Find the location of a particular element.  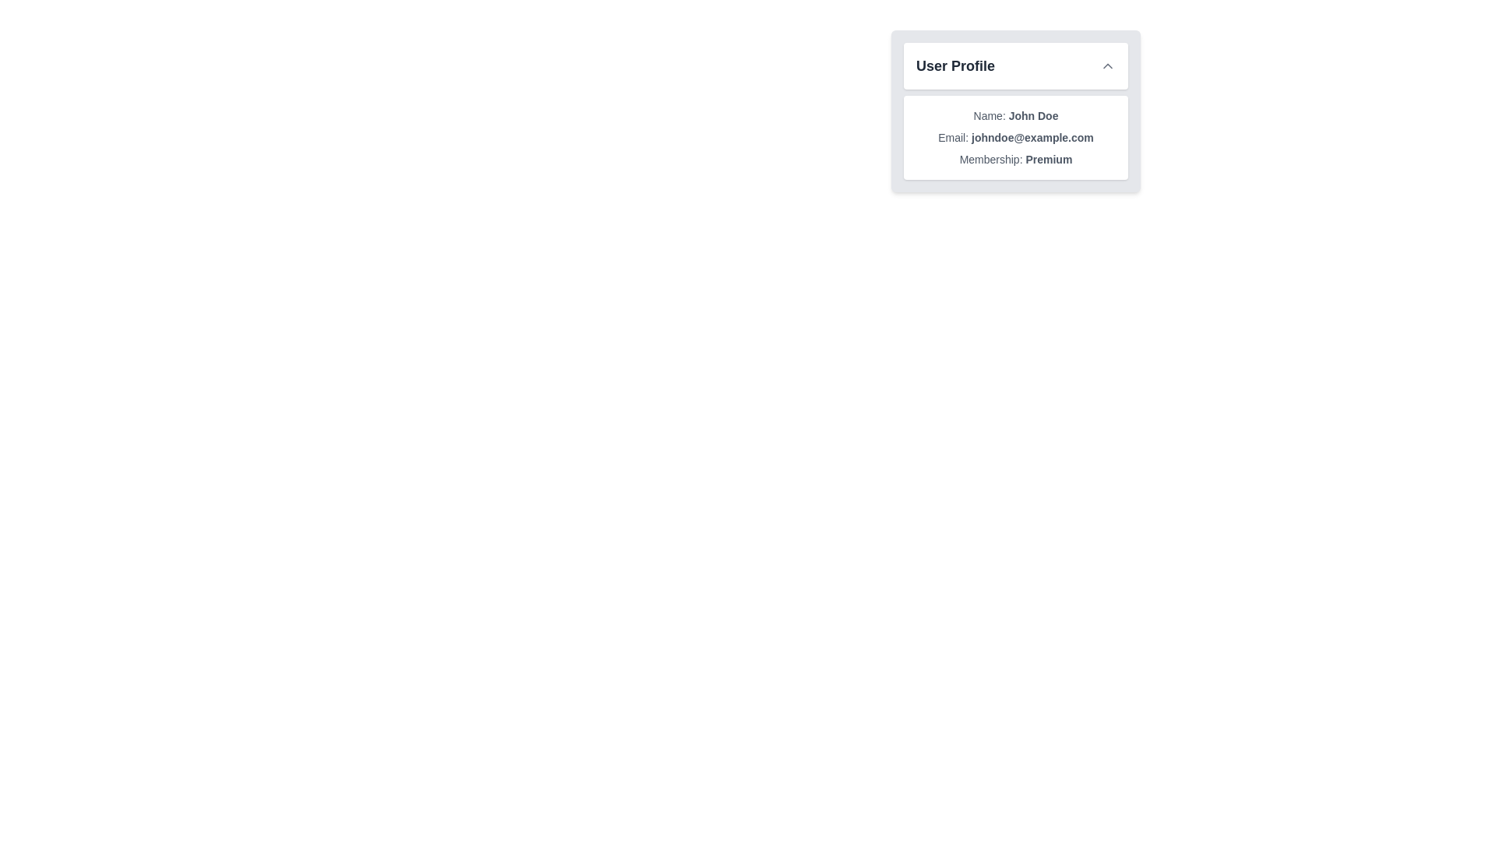

the Membership type indicator label located within the 'User Profile' card, positioned below the 'Email' field and to the right of the 'Membership:' text is located at coordinates (1049, 159).